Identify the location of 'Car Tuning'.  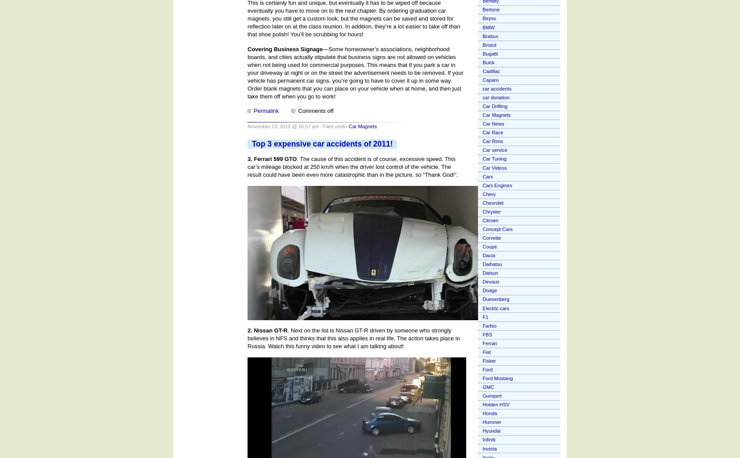
(494, 158).